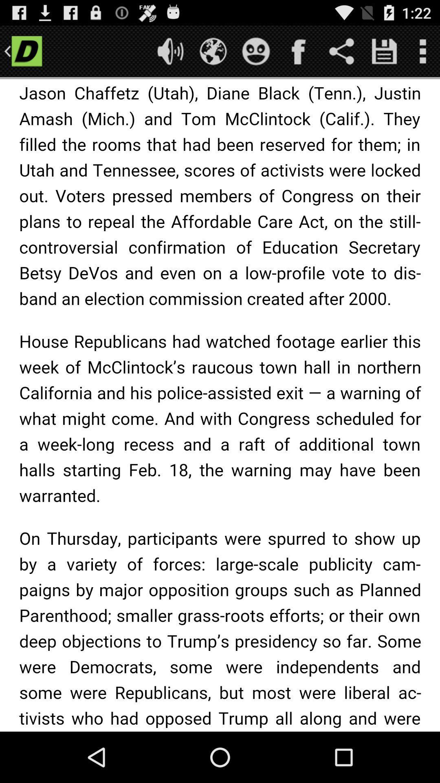 The height and width of the screenshot is (783, 440). What do you see at coordinates (170, 51) in the screenshot?
I see `change volume settings` at bounding box center [170, 51].